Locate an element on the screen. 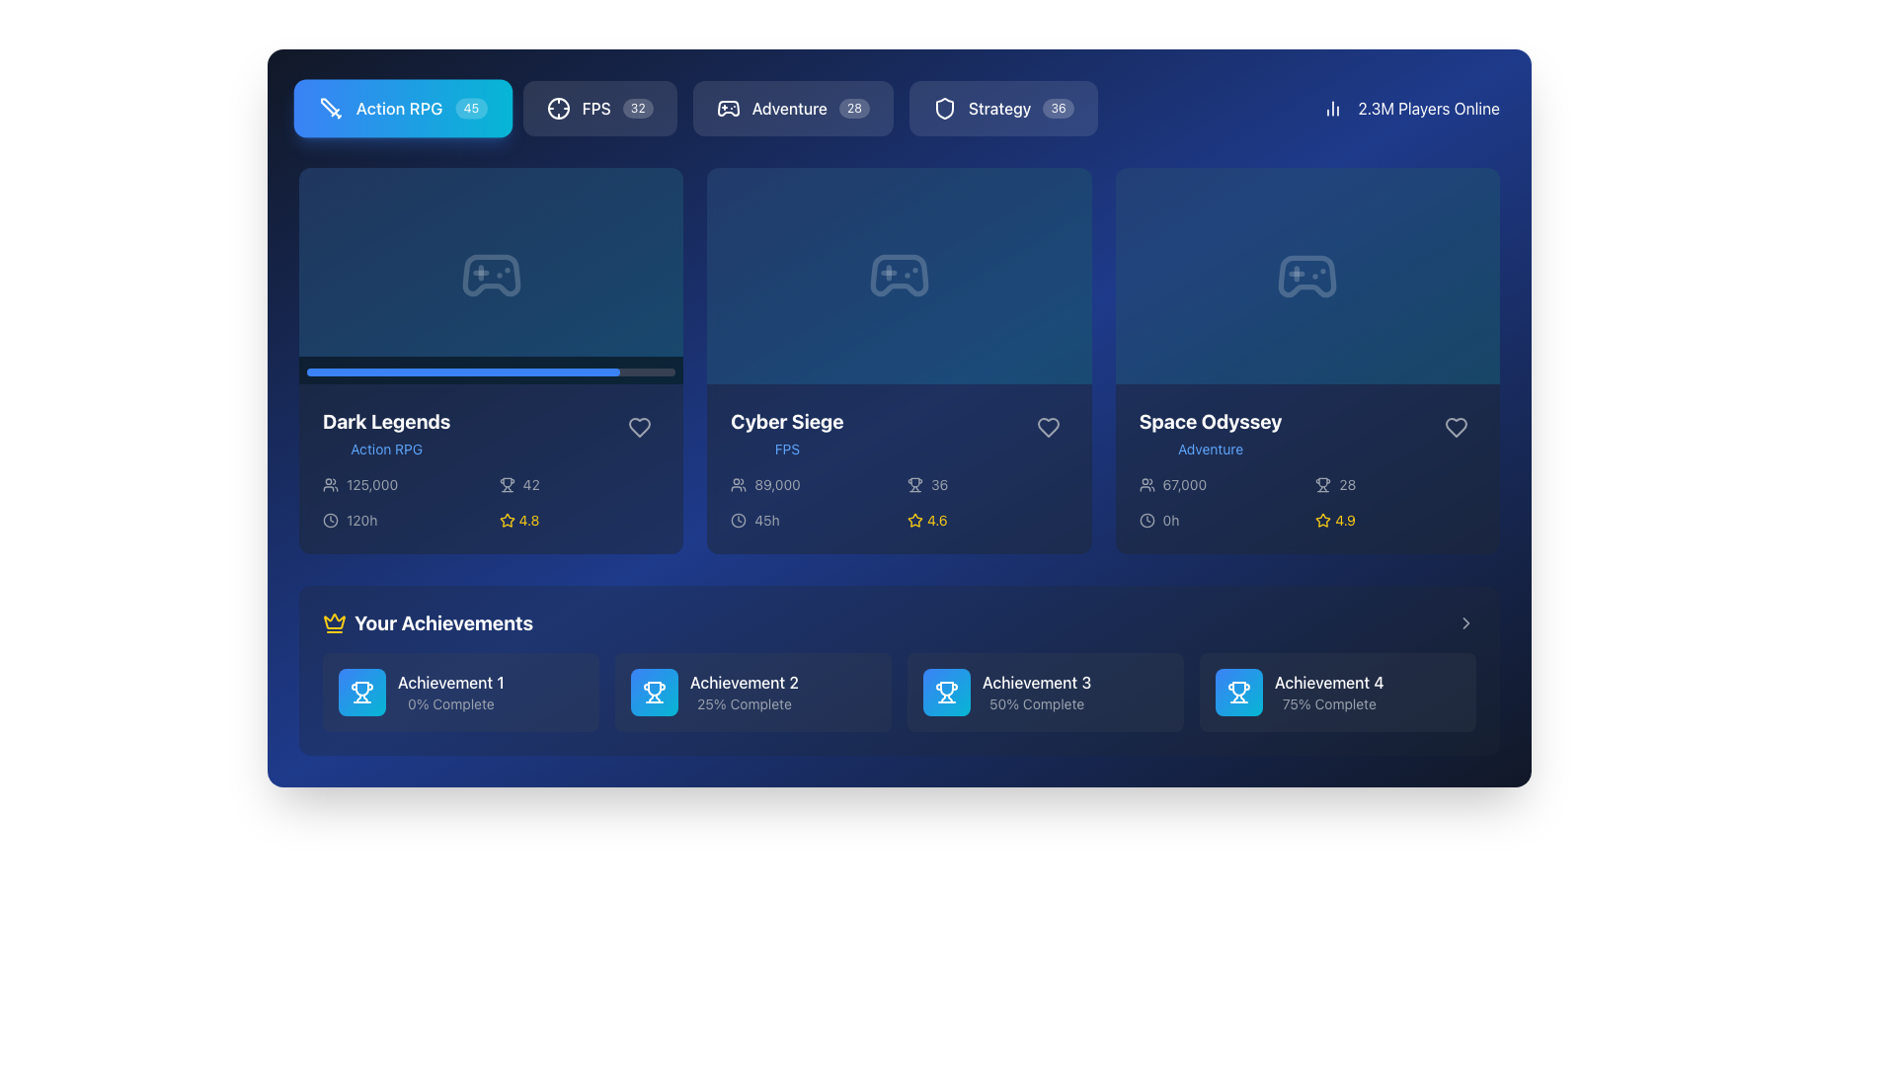  the heart-shaped icon located in the bottom right corner of the 'Cyber Siege' card is located at coordinates (1047, 426).